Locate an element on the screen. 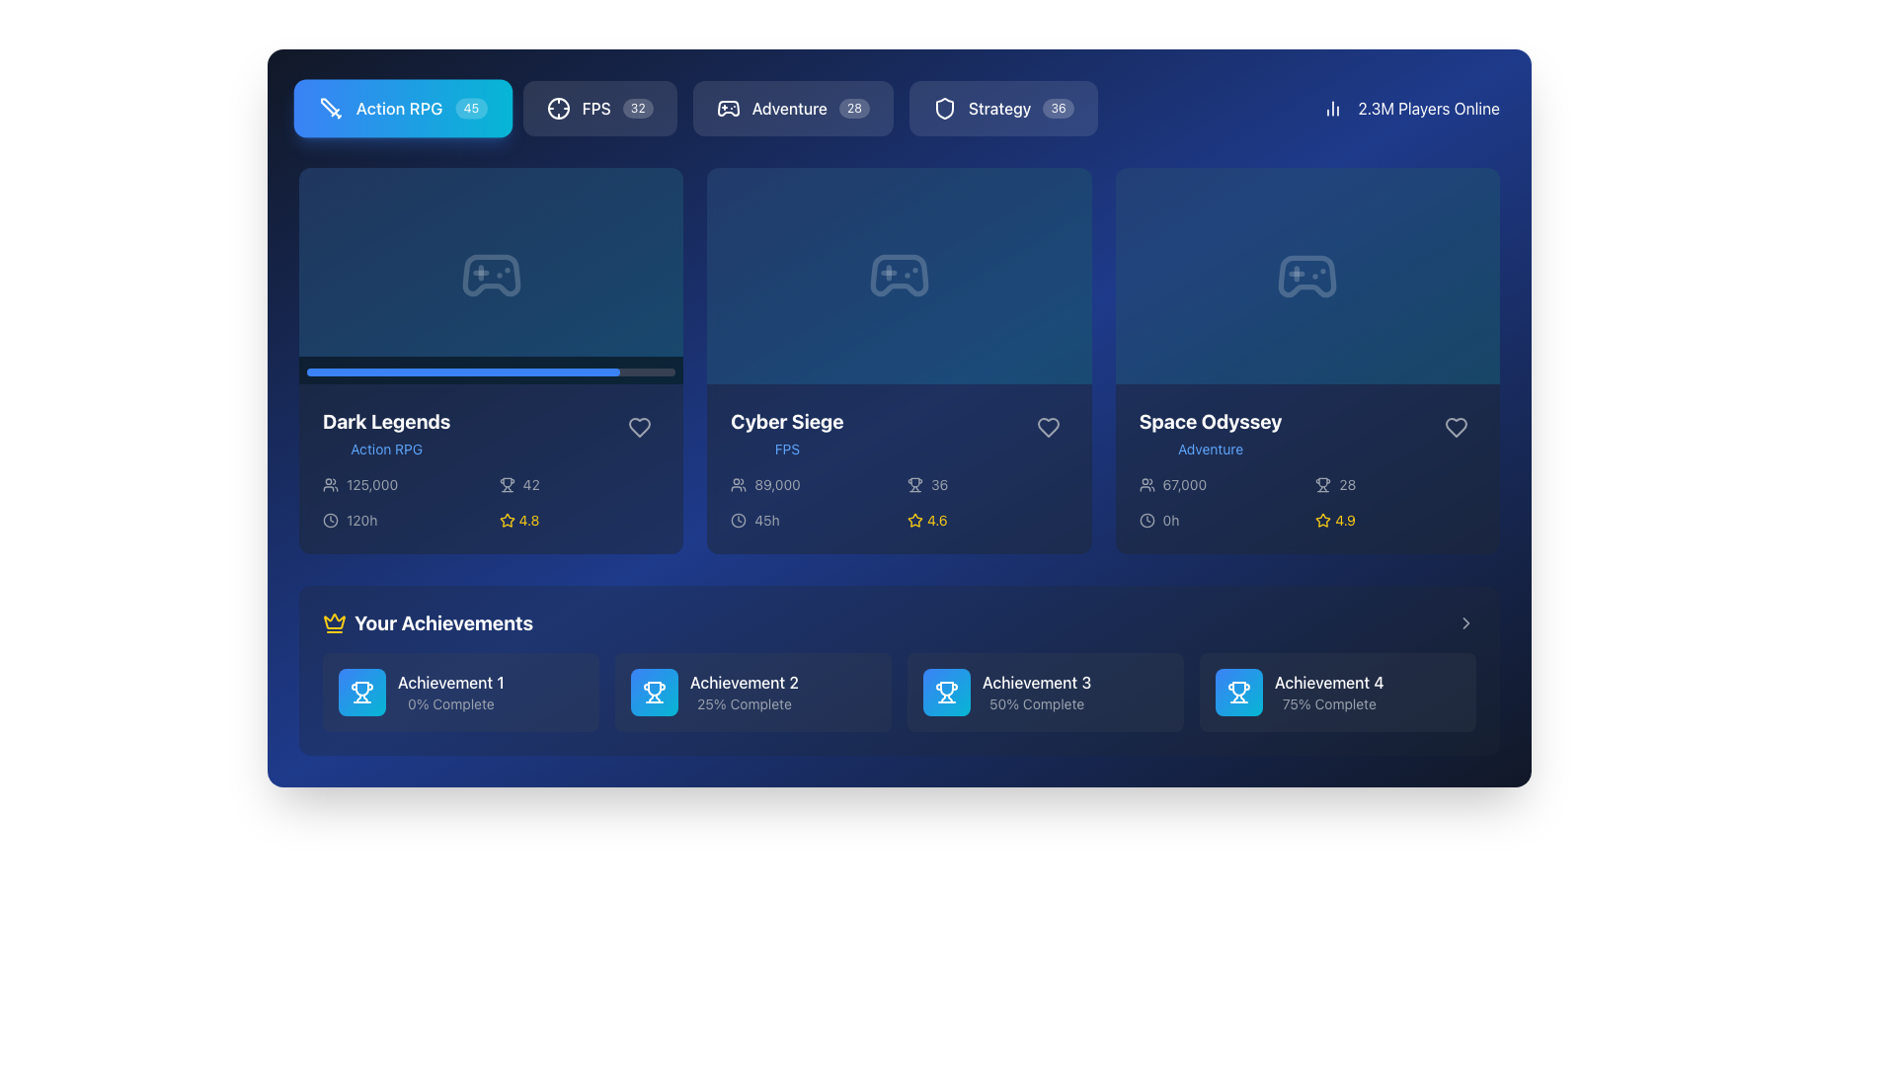  the heart-shaped icon located in the bottom right corner of the 'Cyber Siege' card is located at coordinates (1047, 426).